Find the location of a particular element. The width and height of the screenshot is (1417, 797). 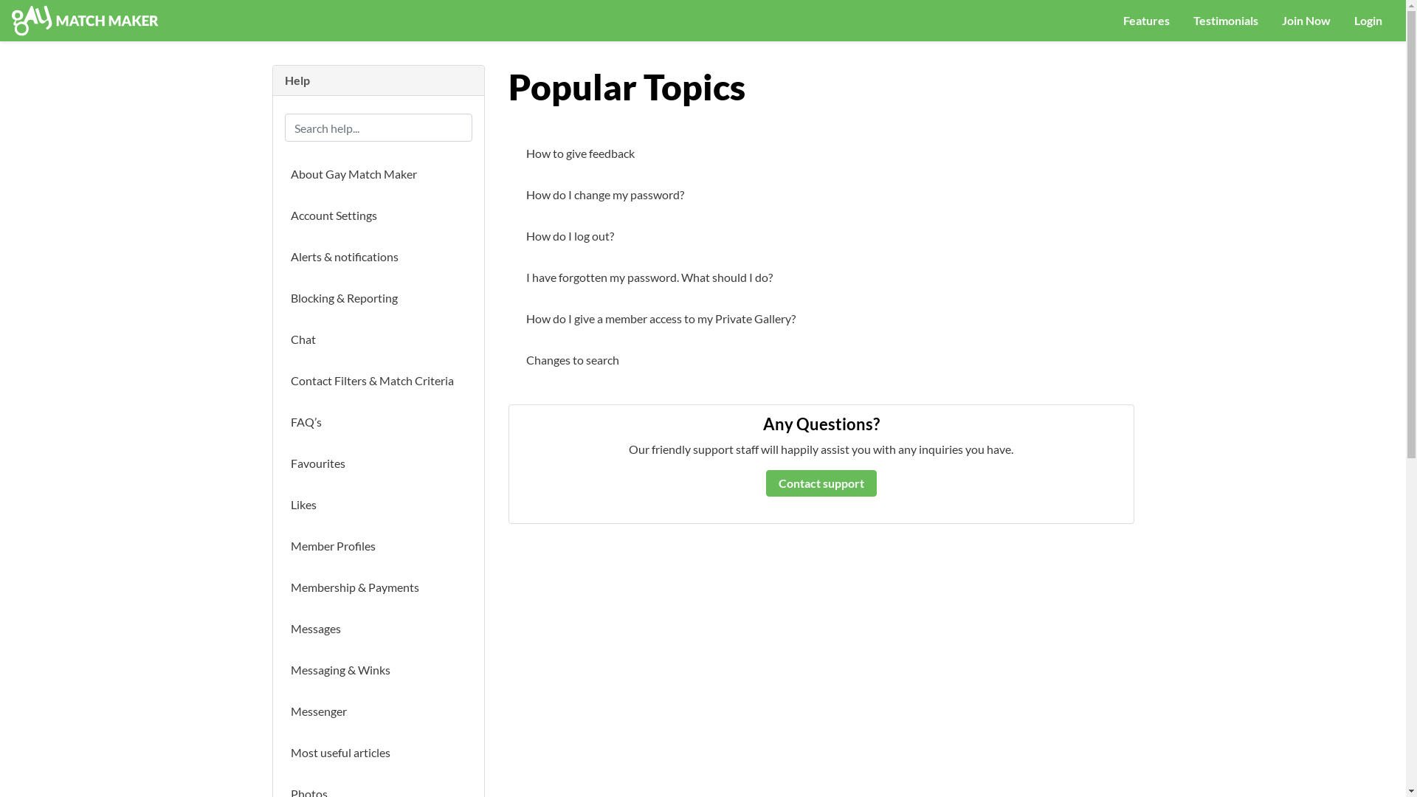

'Chat' is located at coordinates (284, 339).